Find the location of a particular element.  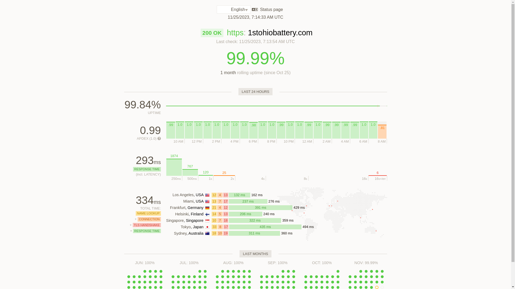

'<small>Jul 05:</small> No downtime' is located at coordinates (181, 276).